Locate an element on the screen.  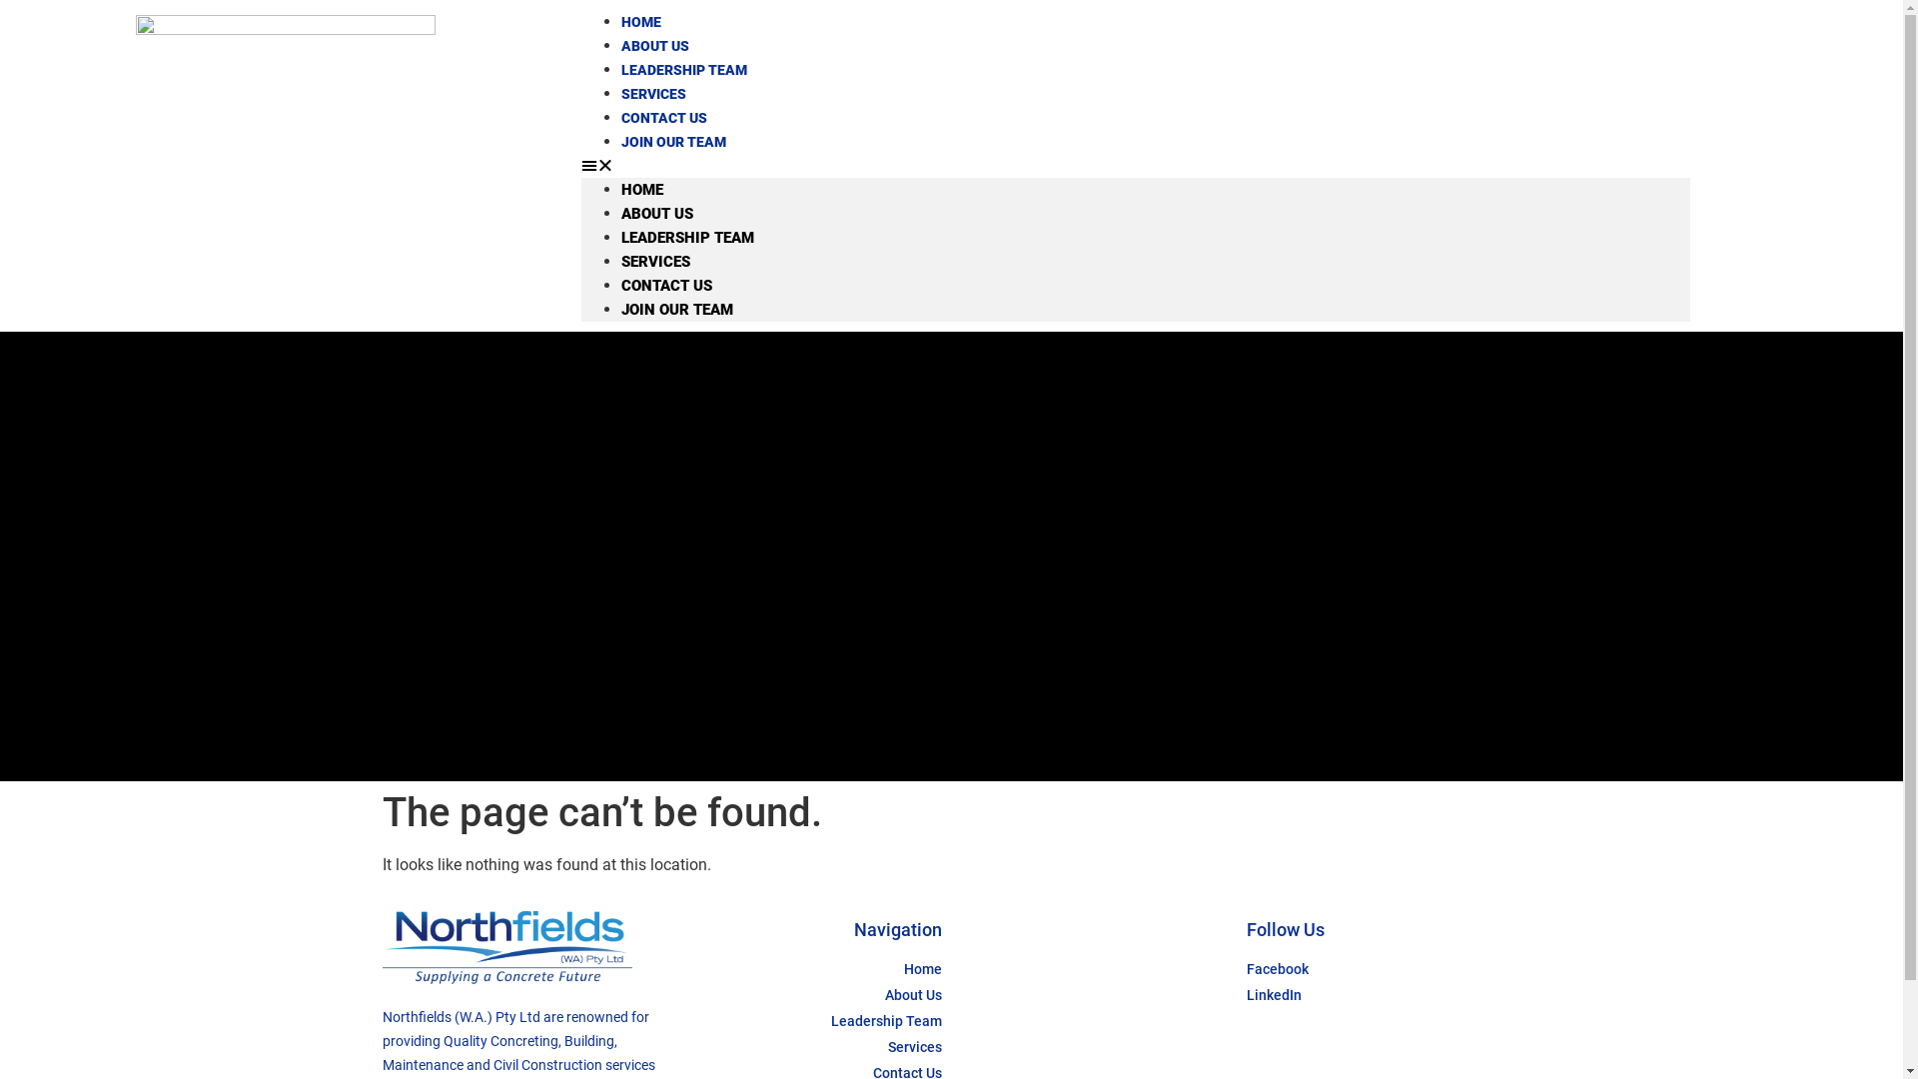
'LEADERSHIP TEAM' is located at coordinates (687, 237).